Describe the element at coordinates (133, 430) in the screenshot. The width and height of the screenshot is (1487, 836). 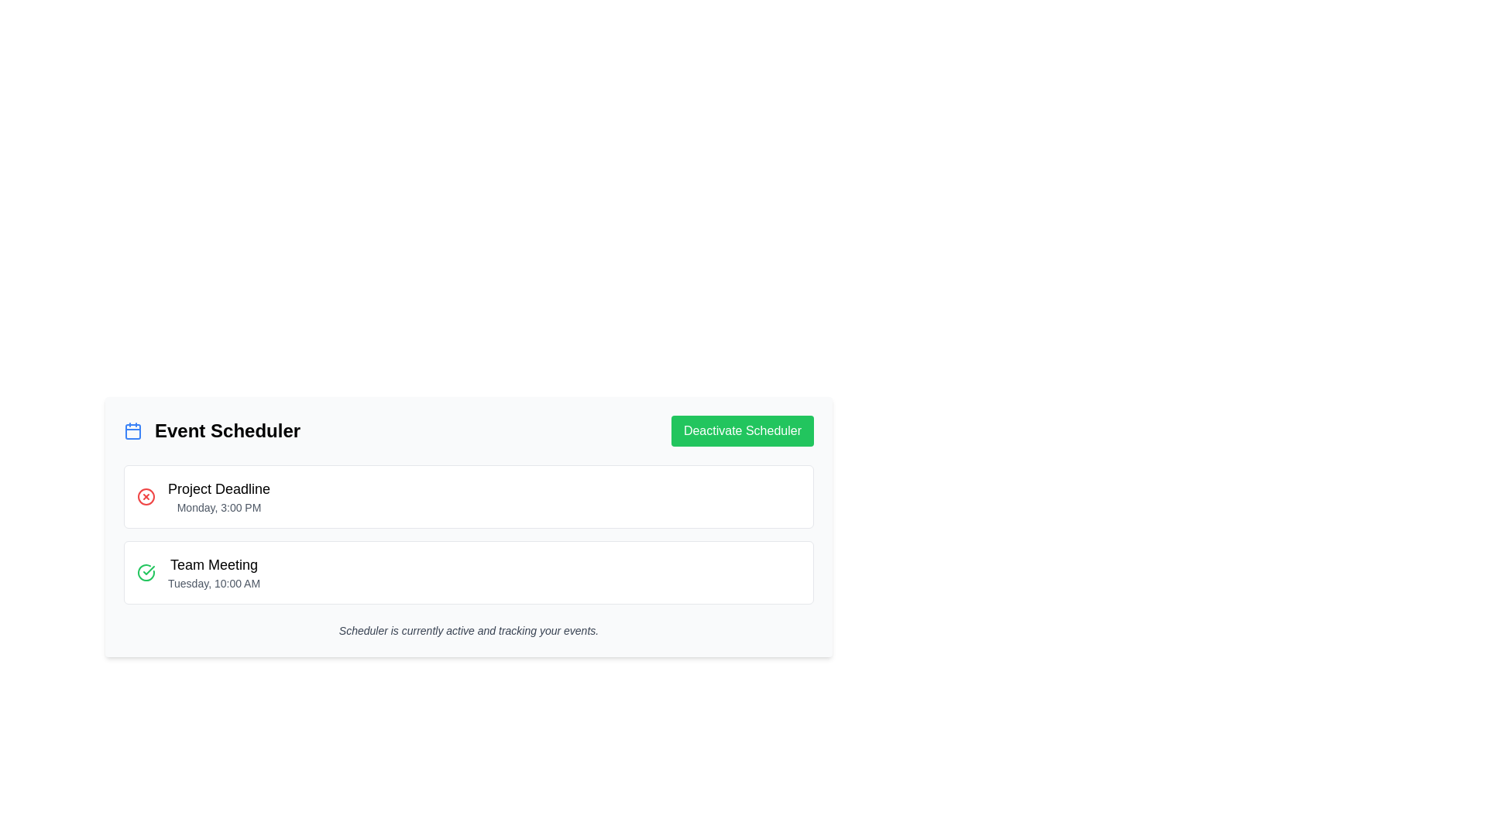
I see `the small calendar icon with a blue outline located to the left of the 'Event Scheduler' text at the top-left section of the white card` at that location.